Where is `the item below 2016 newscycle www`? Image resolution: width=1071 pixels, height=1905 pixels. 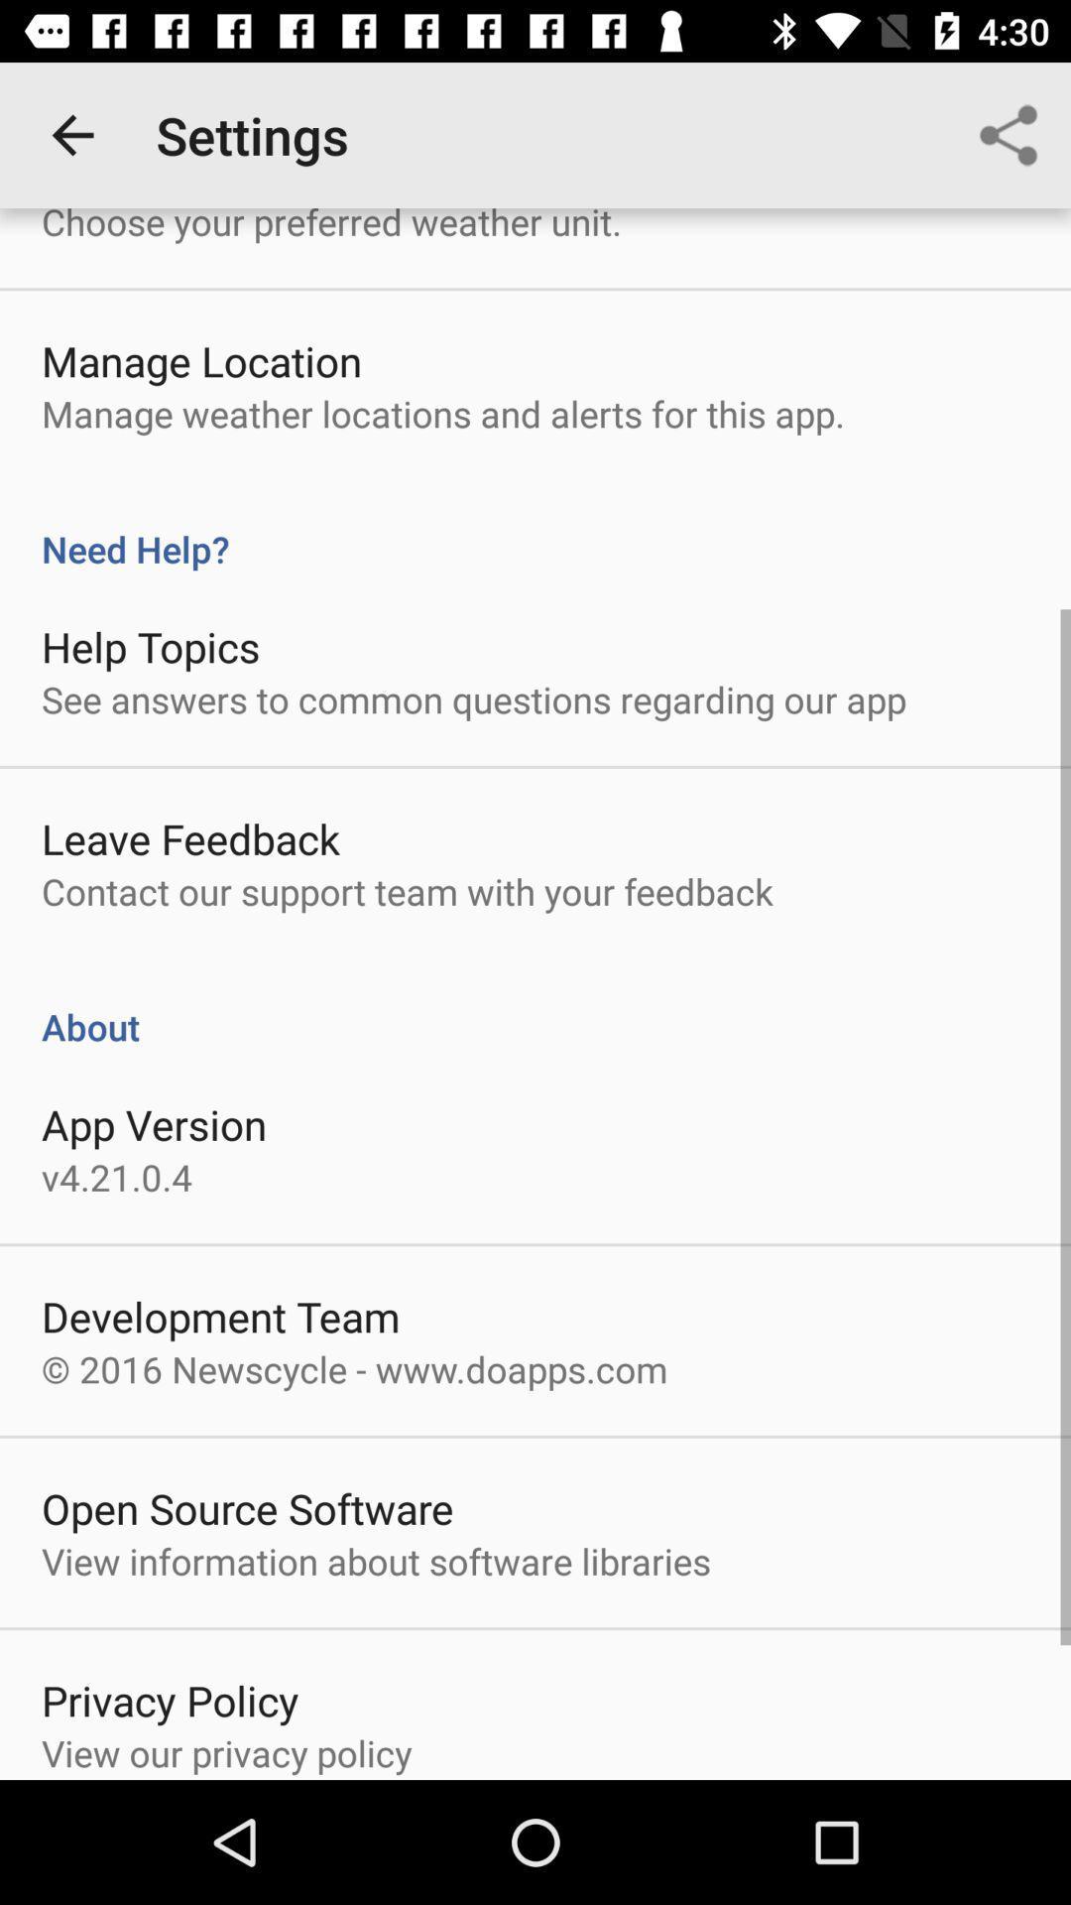 the item below 2016 newscycle www is located at coordinates (246, 1508).